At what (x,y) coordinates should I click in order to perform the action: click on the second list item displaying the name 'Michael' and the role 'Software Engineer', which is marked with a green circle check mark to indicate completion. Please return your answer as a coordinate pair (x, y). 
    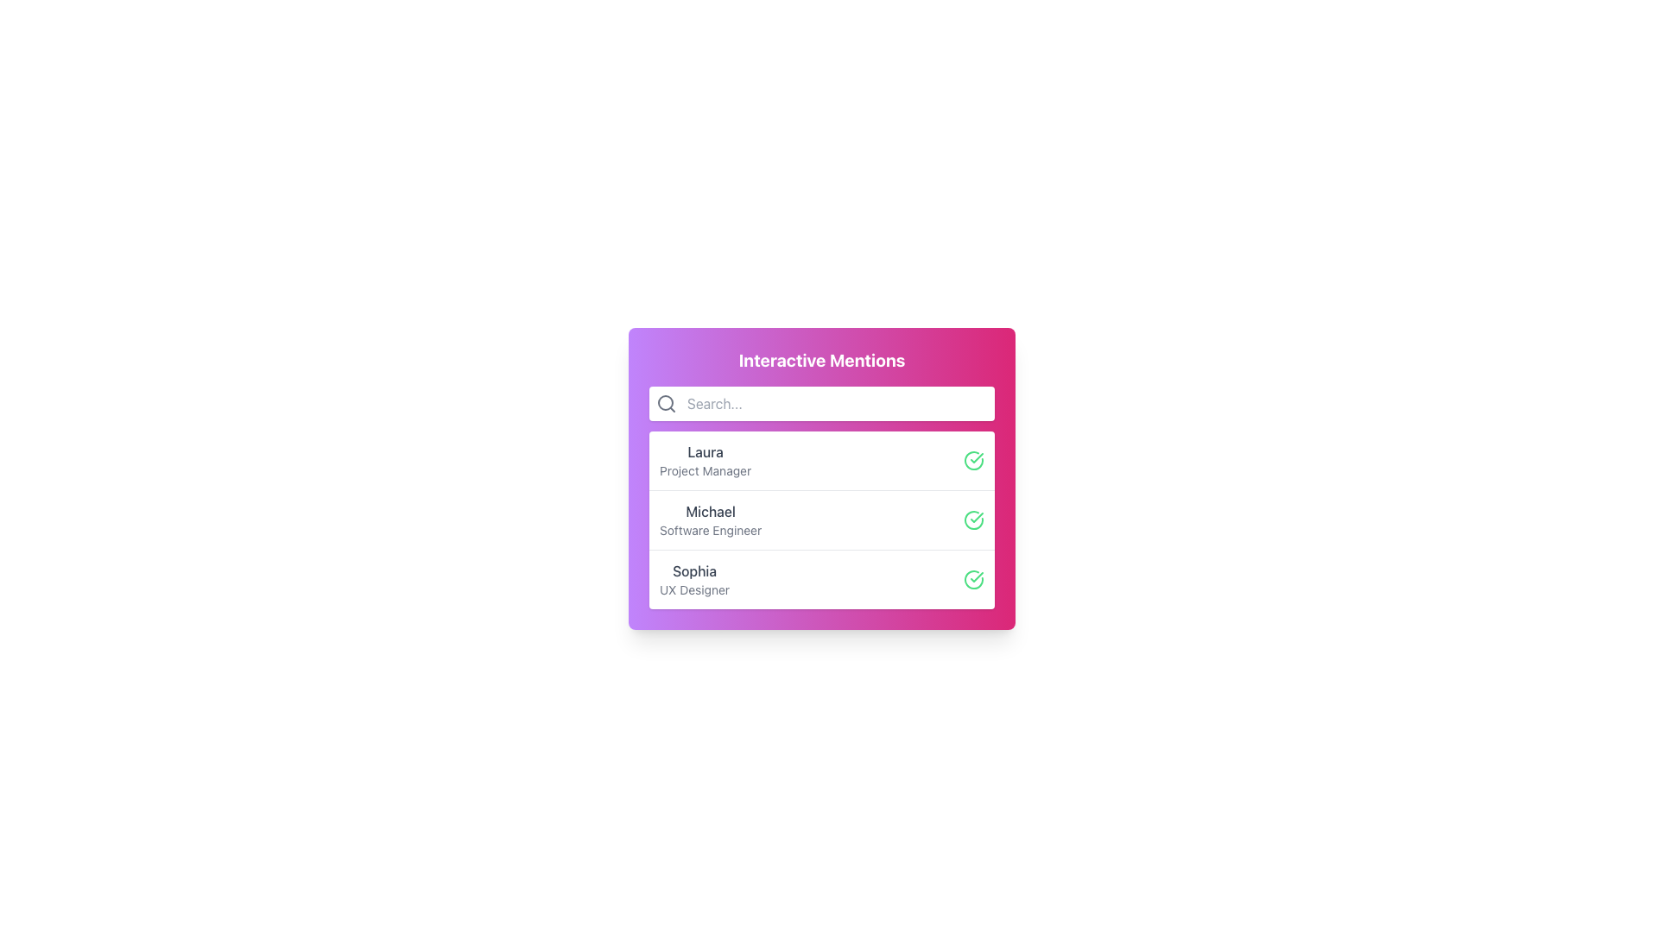
    Looking at the image, I should click on (820, 519).